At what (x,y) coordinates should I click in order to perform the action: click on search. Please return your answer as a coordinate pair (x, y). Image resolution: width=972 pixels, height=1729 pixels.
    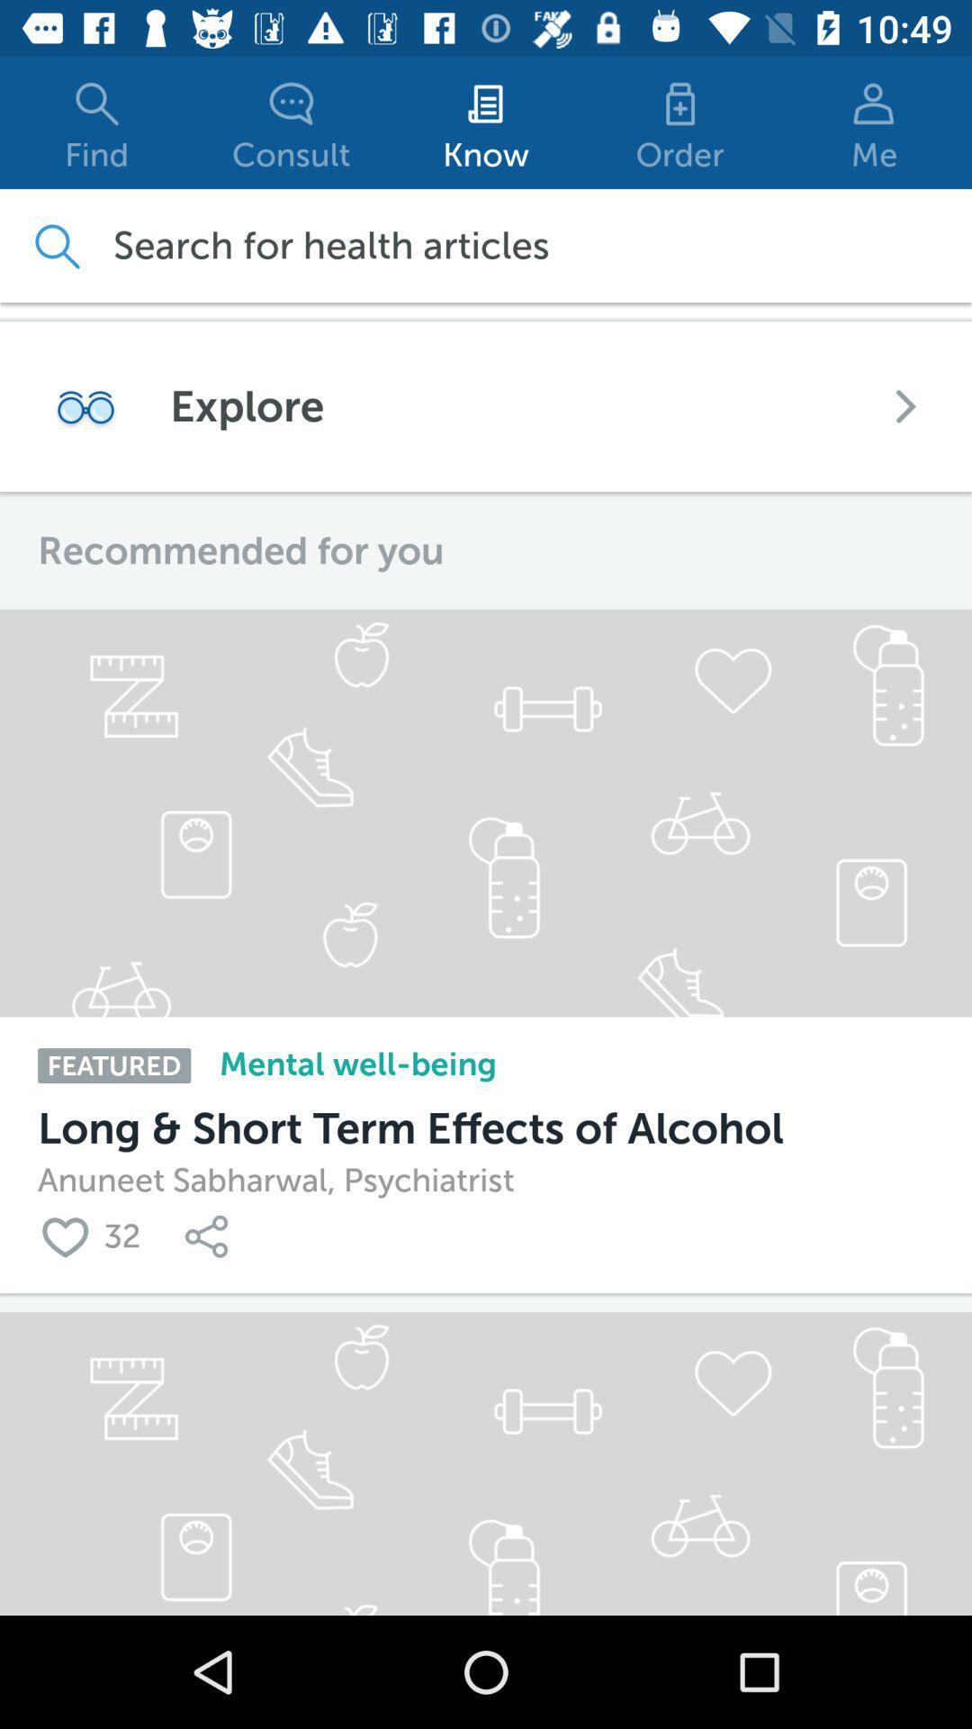
    Looking at the image, I should click on (55, 245).